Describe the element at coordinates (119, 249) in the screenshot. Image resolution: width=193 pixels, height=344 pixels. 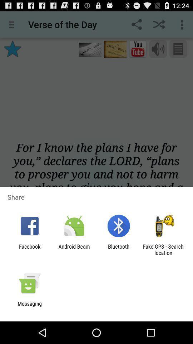
I see `the app next to fake gps search item` at that location.